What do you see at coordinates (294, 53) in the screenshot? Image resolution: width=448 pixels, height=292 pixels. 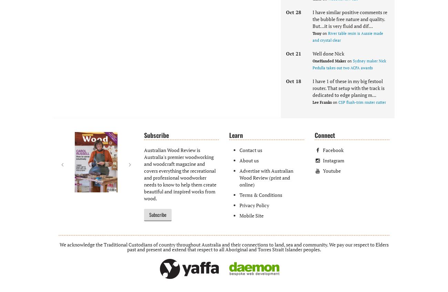 I see `'Oct 21'` at bounding box center [294, 53].